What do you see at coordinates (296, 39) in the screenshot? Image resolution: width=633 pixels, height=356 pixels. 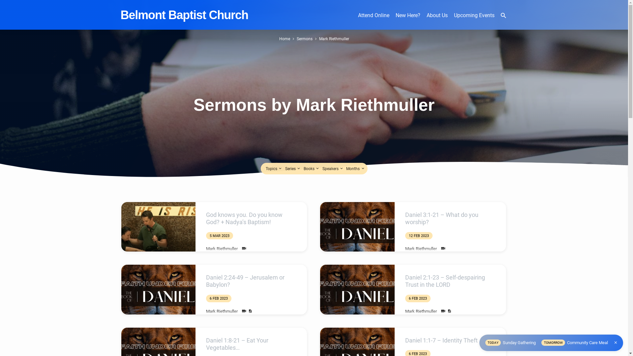 I see `'Sermons'` at bounding box center [296, 39].